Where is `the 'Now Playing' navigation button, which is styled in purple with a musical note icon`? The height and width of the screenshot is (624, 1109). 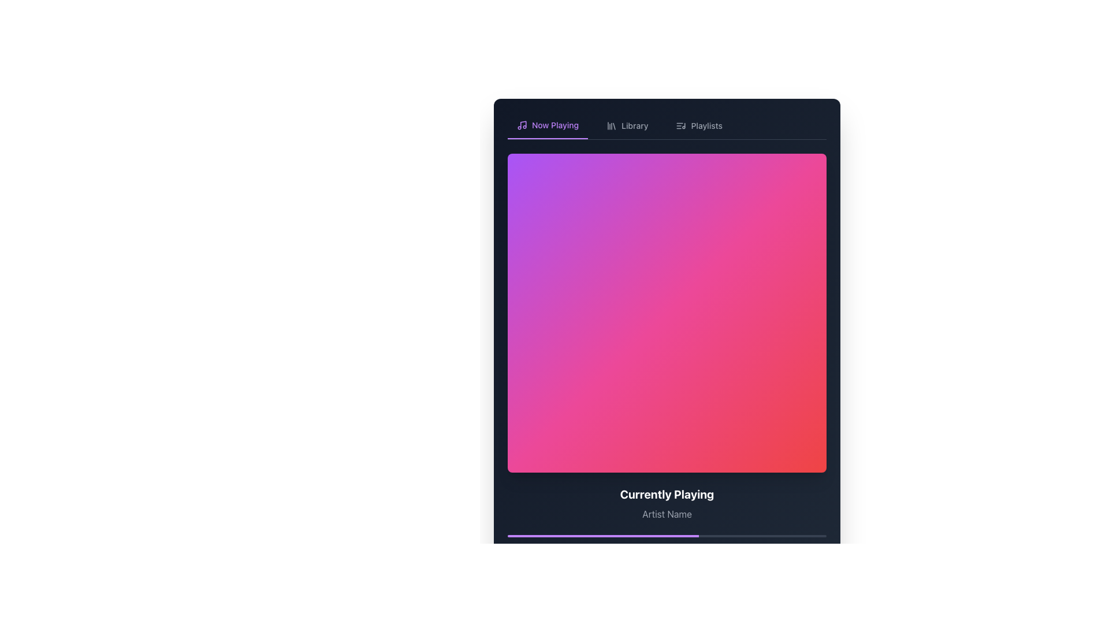
the 'Now Playing' navigation button, which is styled in purple with a musical note icon is located at coordinates (547, 126).